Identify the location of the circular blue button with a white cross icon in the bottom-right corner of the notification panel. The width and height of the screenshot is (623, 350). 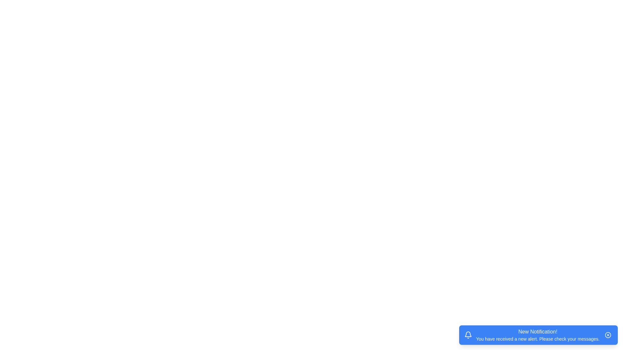
(607, 335).